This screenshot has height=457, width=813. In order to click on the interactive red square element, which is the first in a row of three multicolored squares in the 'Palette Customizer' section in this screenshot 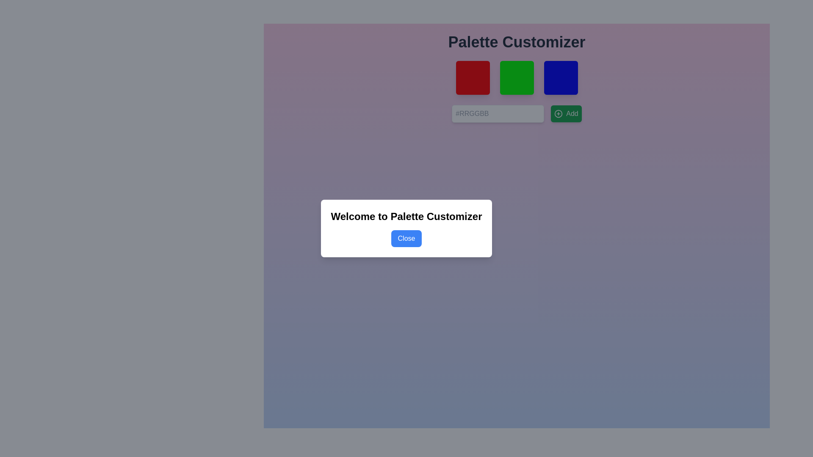, I will do `click(472, 78)`.